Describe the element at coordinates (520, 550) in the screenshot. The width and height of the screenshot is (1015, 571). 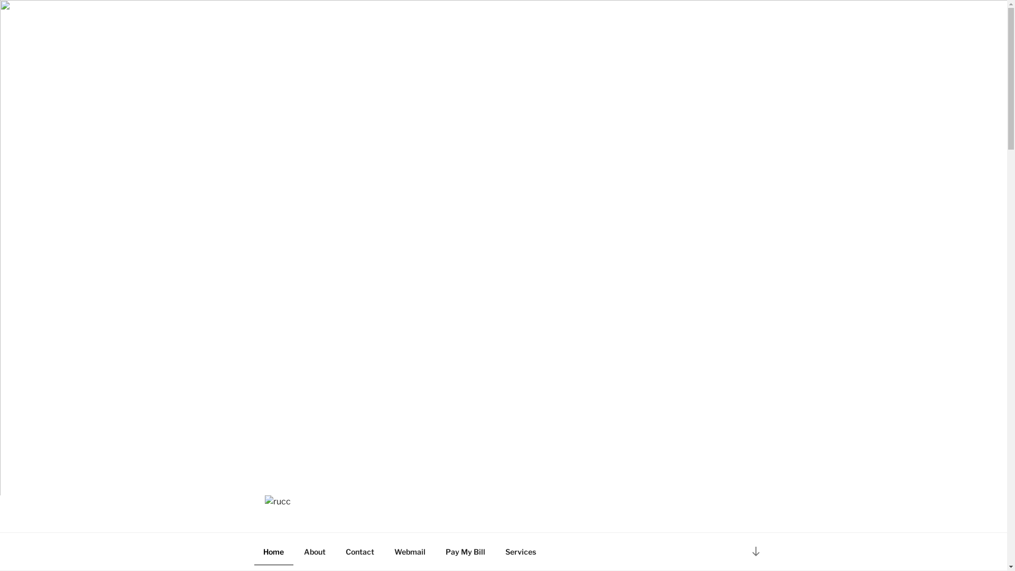
I see `'Services'` at that location.